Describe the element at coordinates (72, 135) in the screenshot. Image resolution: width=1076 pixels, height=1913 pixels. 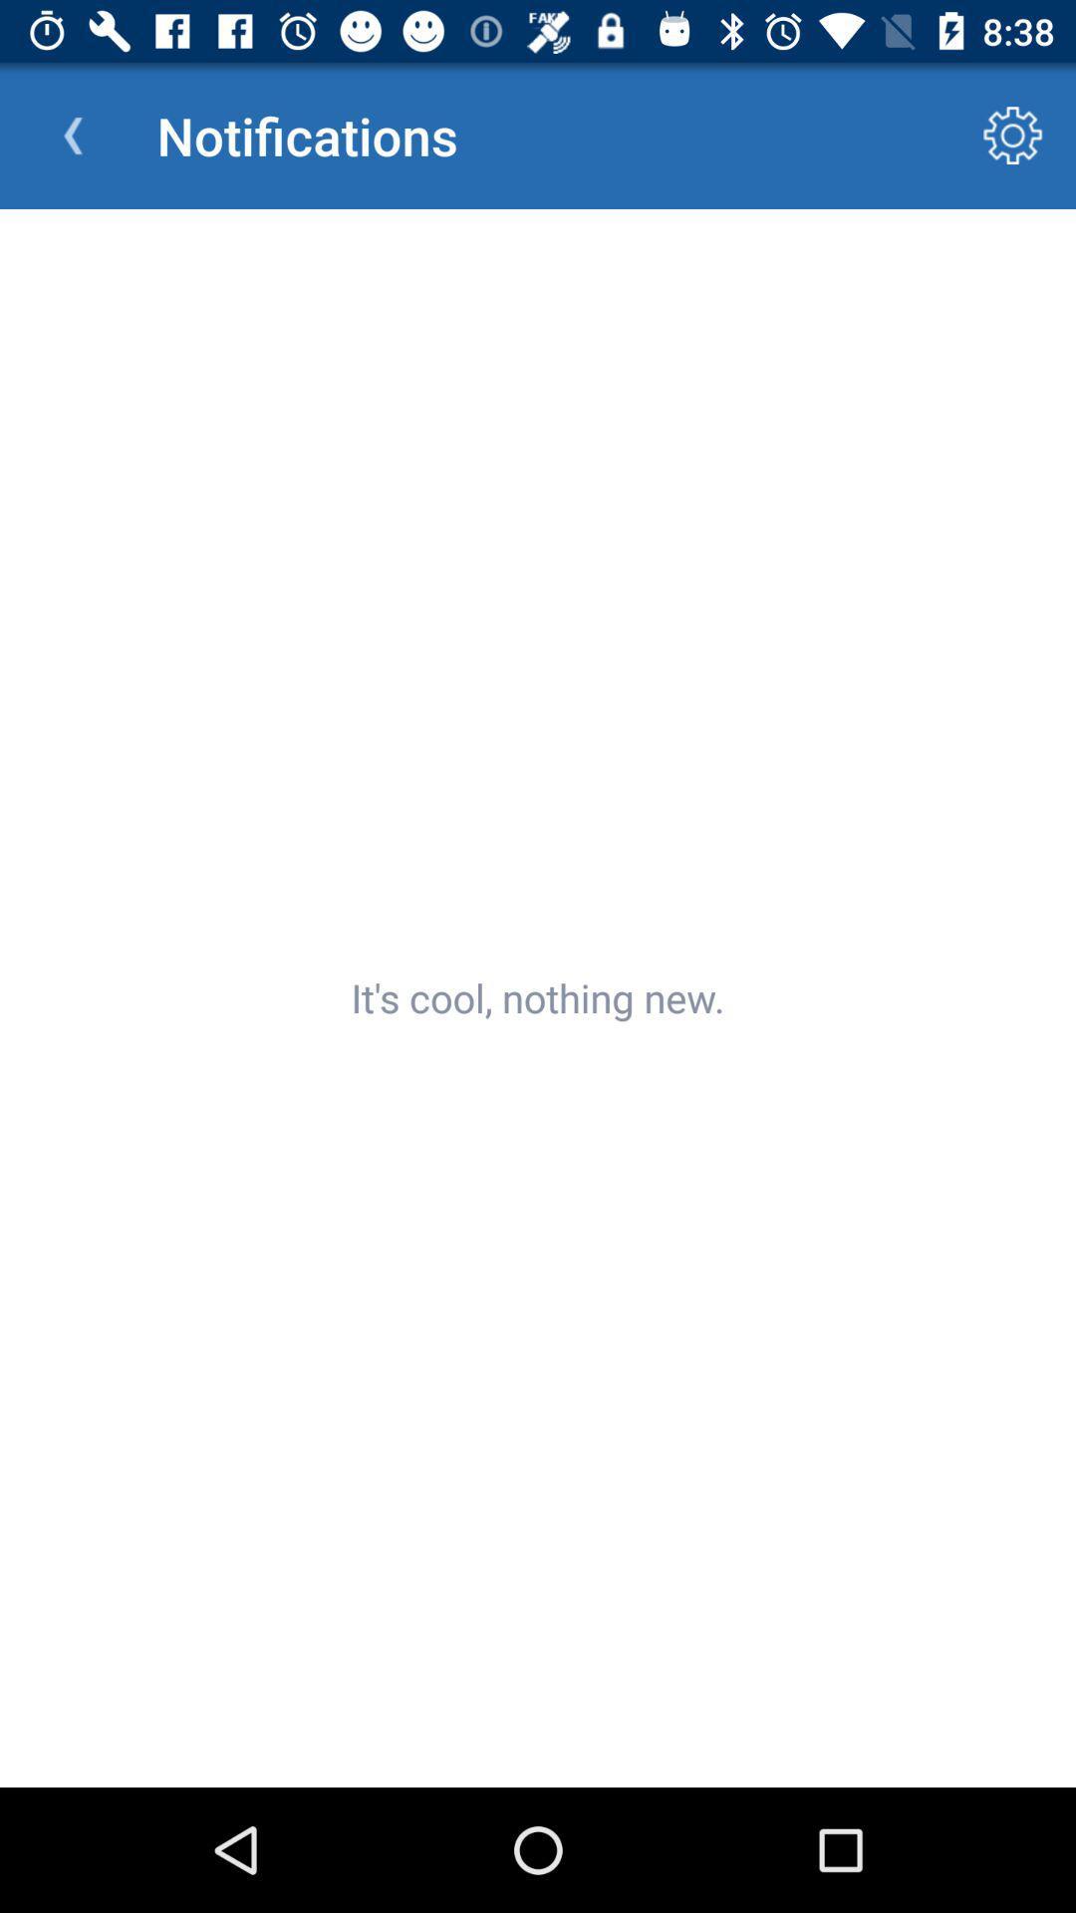
I see `item to the left of the notifications icon` at that location.